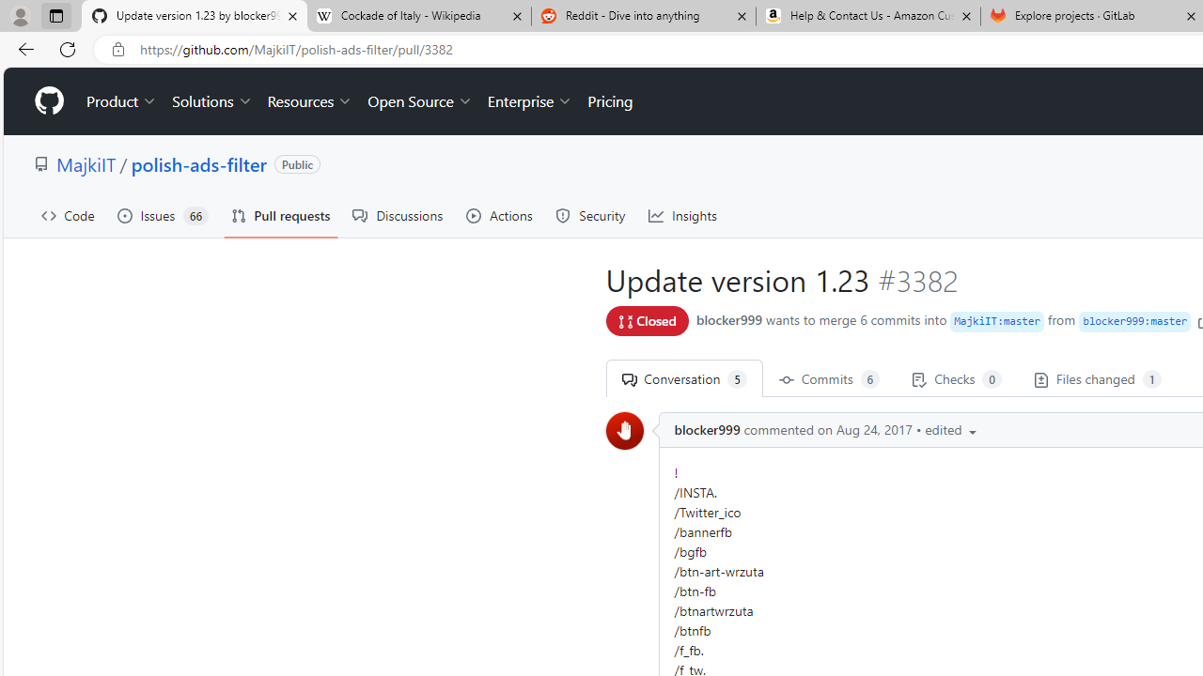  Describe the element at coordinates (589, 215) in the screenshot. I see `'Security'` at that location.